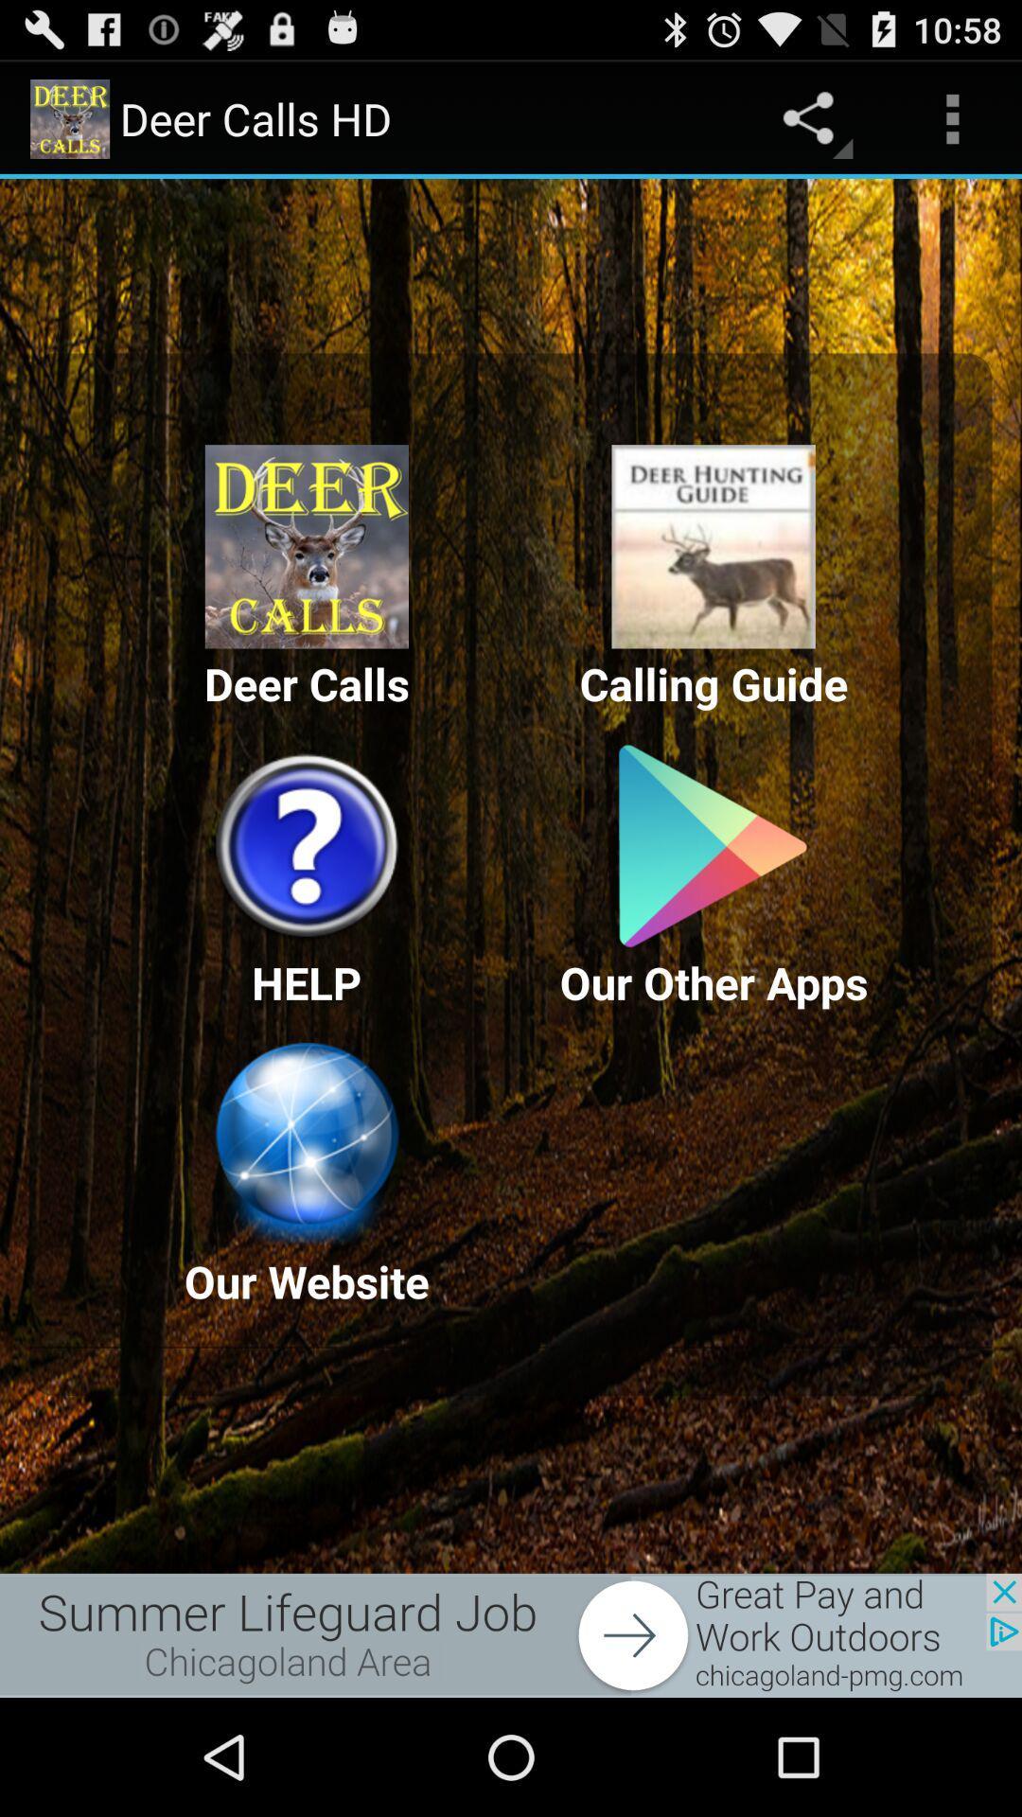 This screenshot has height=1817, width=1022. Describe the element at coordinates (511, 1634) in the screenshot. I see `advertisement page` at that location.